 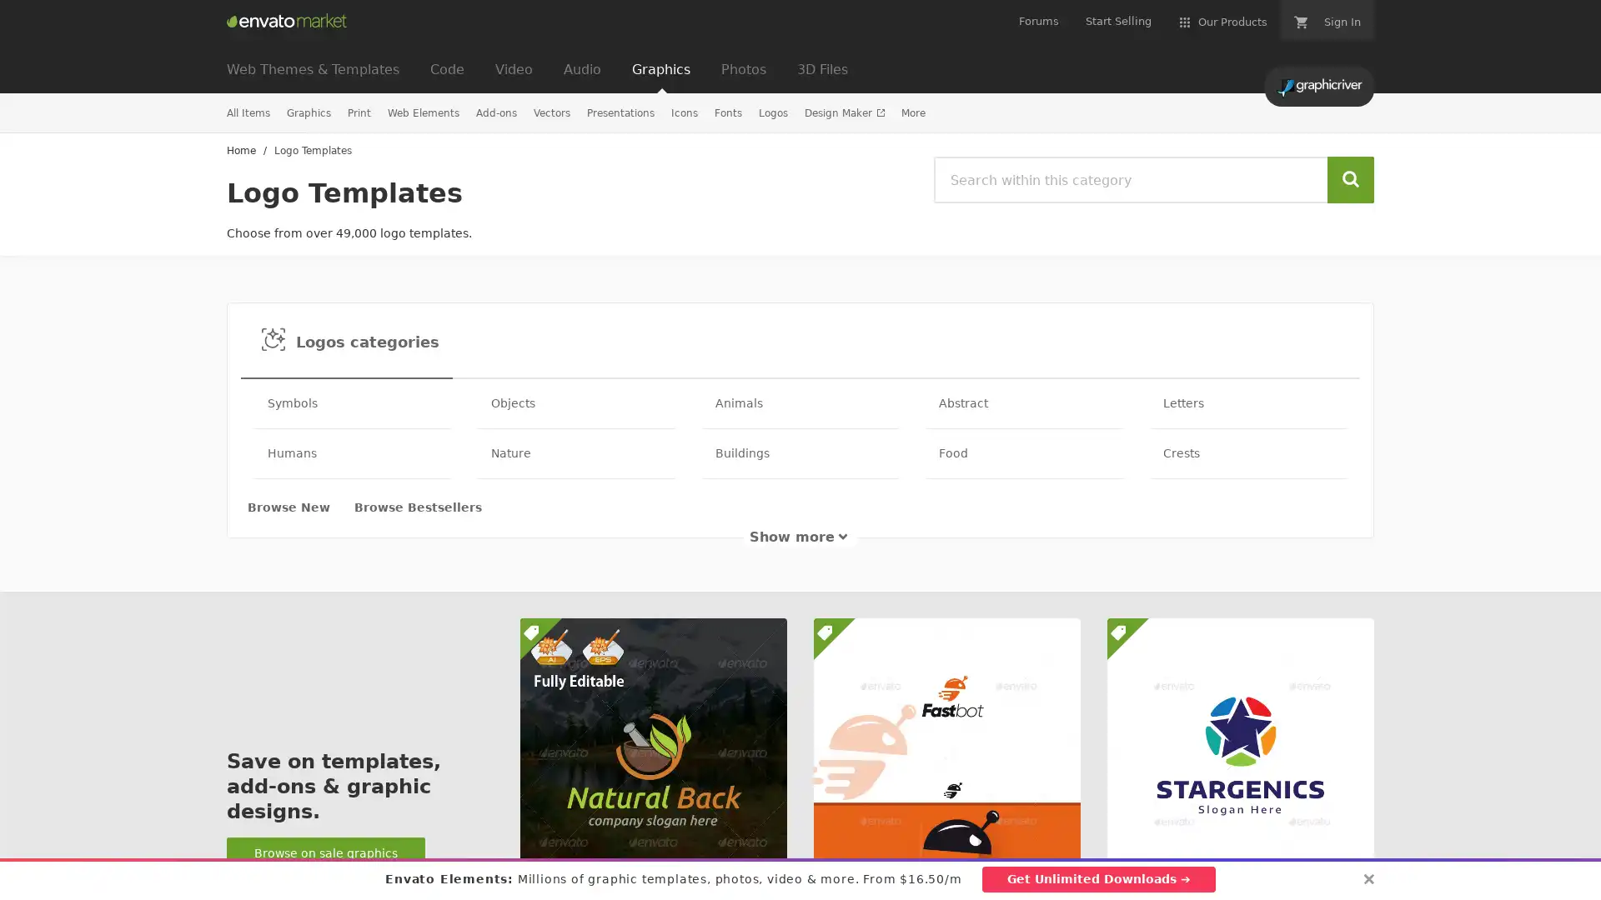 I want to click on Add to Favorites, so click(x=1353, y=861).